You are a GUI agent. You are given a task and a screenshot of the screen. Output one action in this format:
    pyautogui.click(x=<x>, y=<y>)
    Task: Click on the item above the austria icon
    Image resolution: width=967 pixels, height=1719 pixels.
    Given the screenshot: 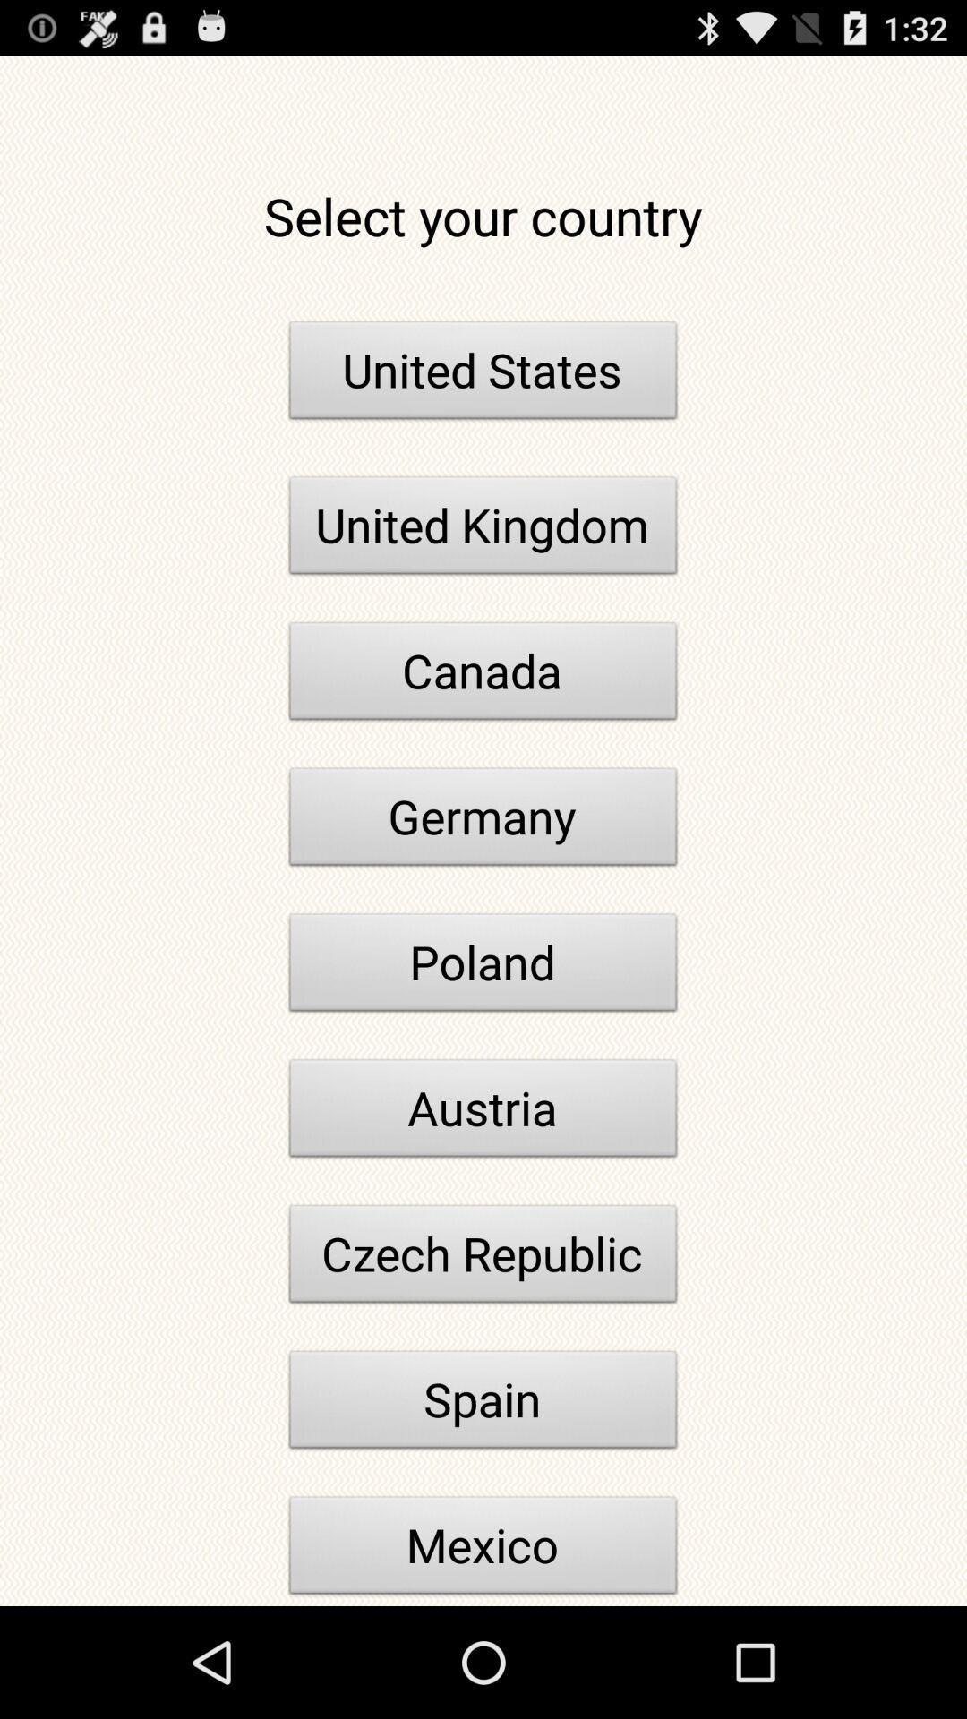 What is the action you would take?
    pyautogui.click(x=483, y=966)
    